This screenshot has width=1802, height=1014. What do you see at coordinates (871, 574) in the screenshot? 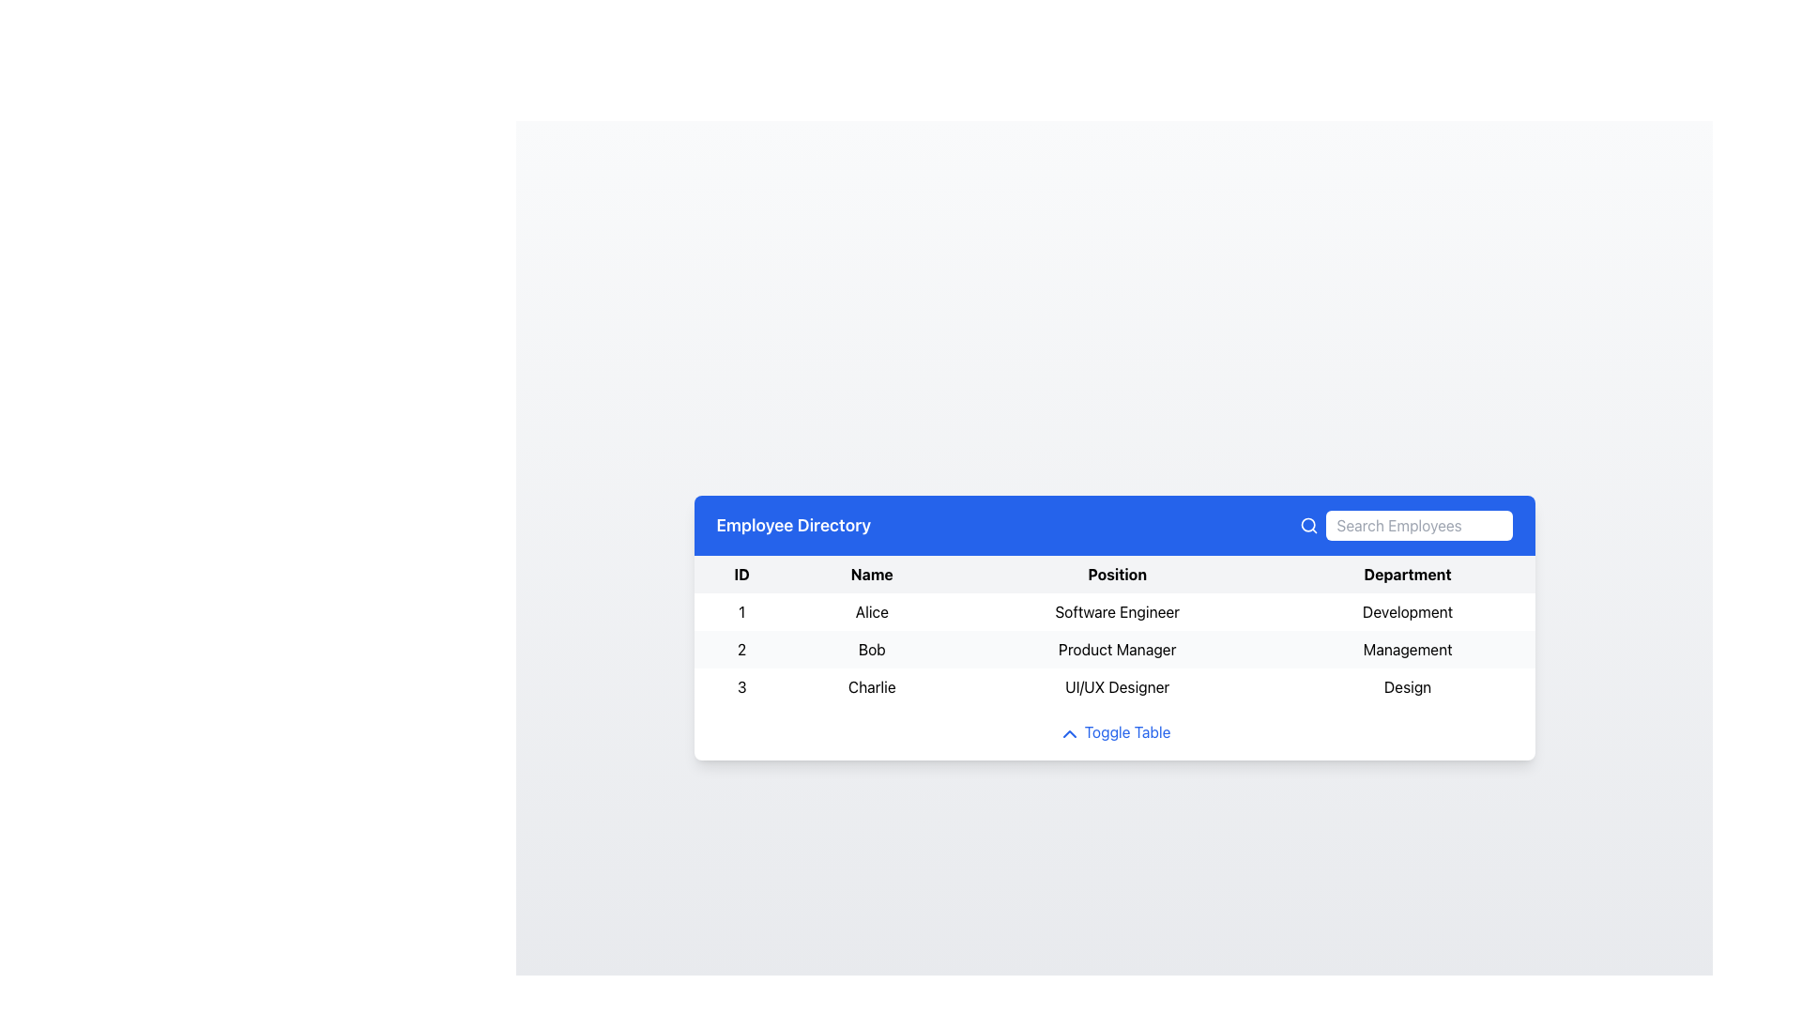
I see `the 'Name' column header in the Employee Directory table, which is the second column header displaying 'Name' in bold black font` at bounding box center [871, 574].